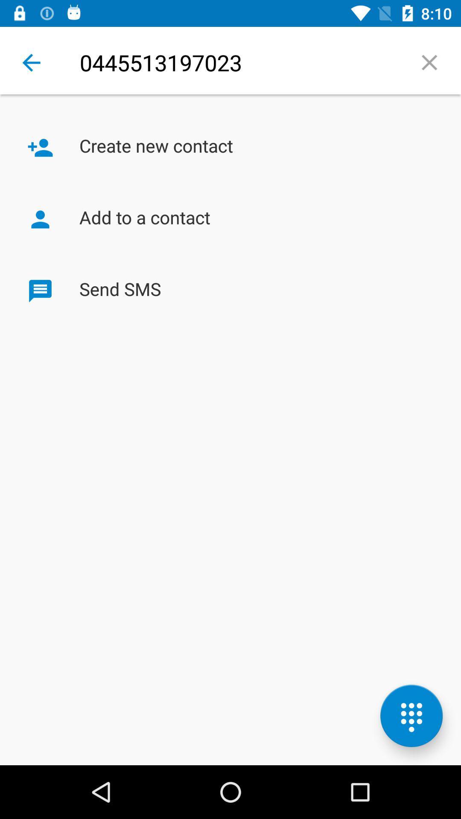 This screenshot has width=461, height=819. Describe the element at coordinates (411, 716) in the screenshot. I see `the dialpad icon` at that location.